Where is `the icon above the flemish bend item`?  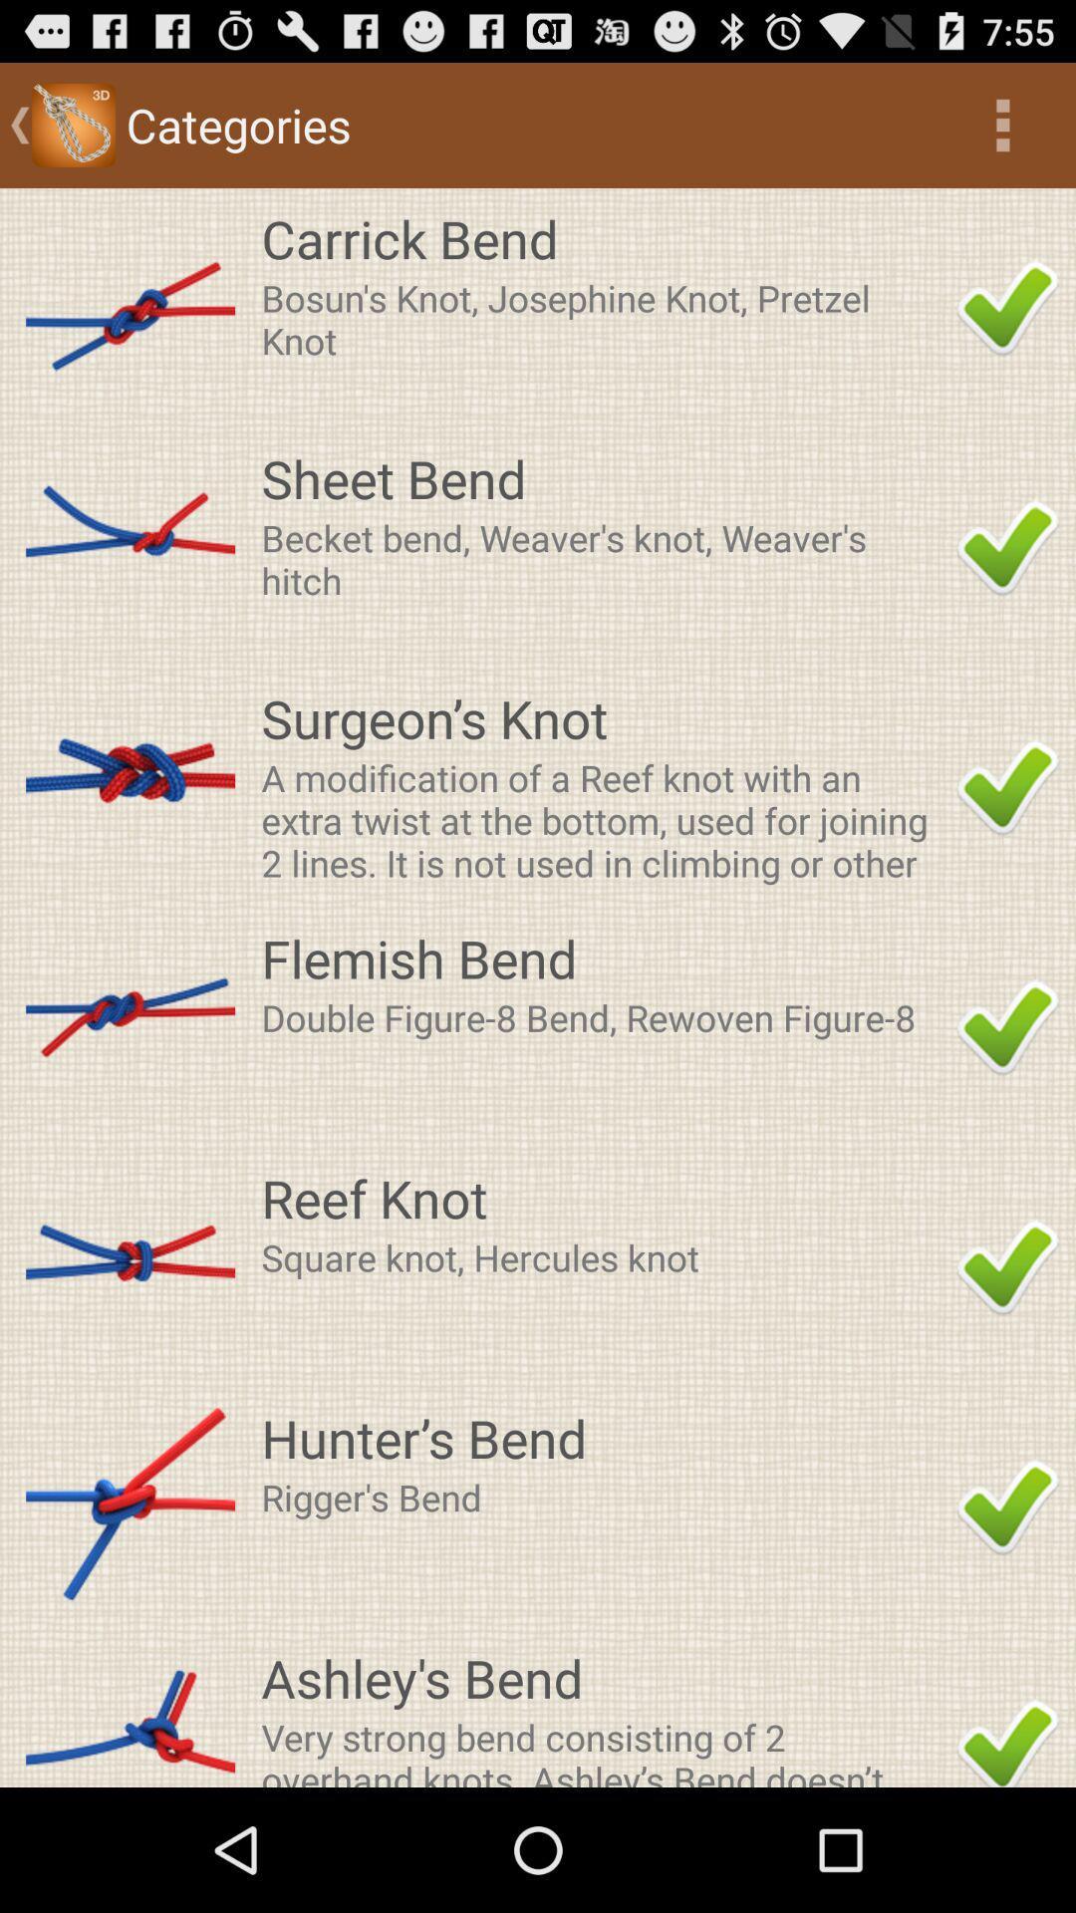 the icon above the flemish bend item is located at coordinates (602, 819).